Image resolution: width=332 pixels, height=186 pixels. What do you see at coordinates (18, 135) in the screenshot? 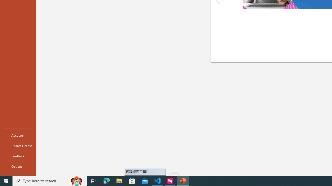
I see `'Account'` at bounding box center [18, 135].